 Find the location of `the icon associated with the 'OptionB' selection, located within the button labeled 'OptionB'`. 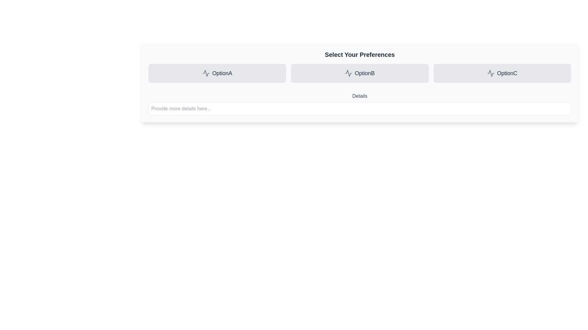

the icon associated with the 'OptionB' selection, located within the button labeled 'OptionB' is located at coordinates (349, 73).